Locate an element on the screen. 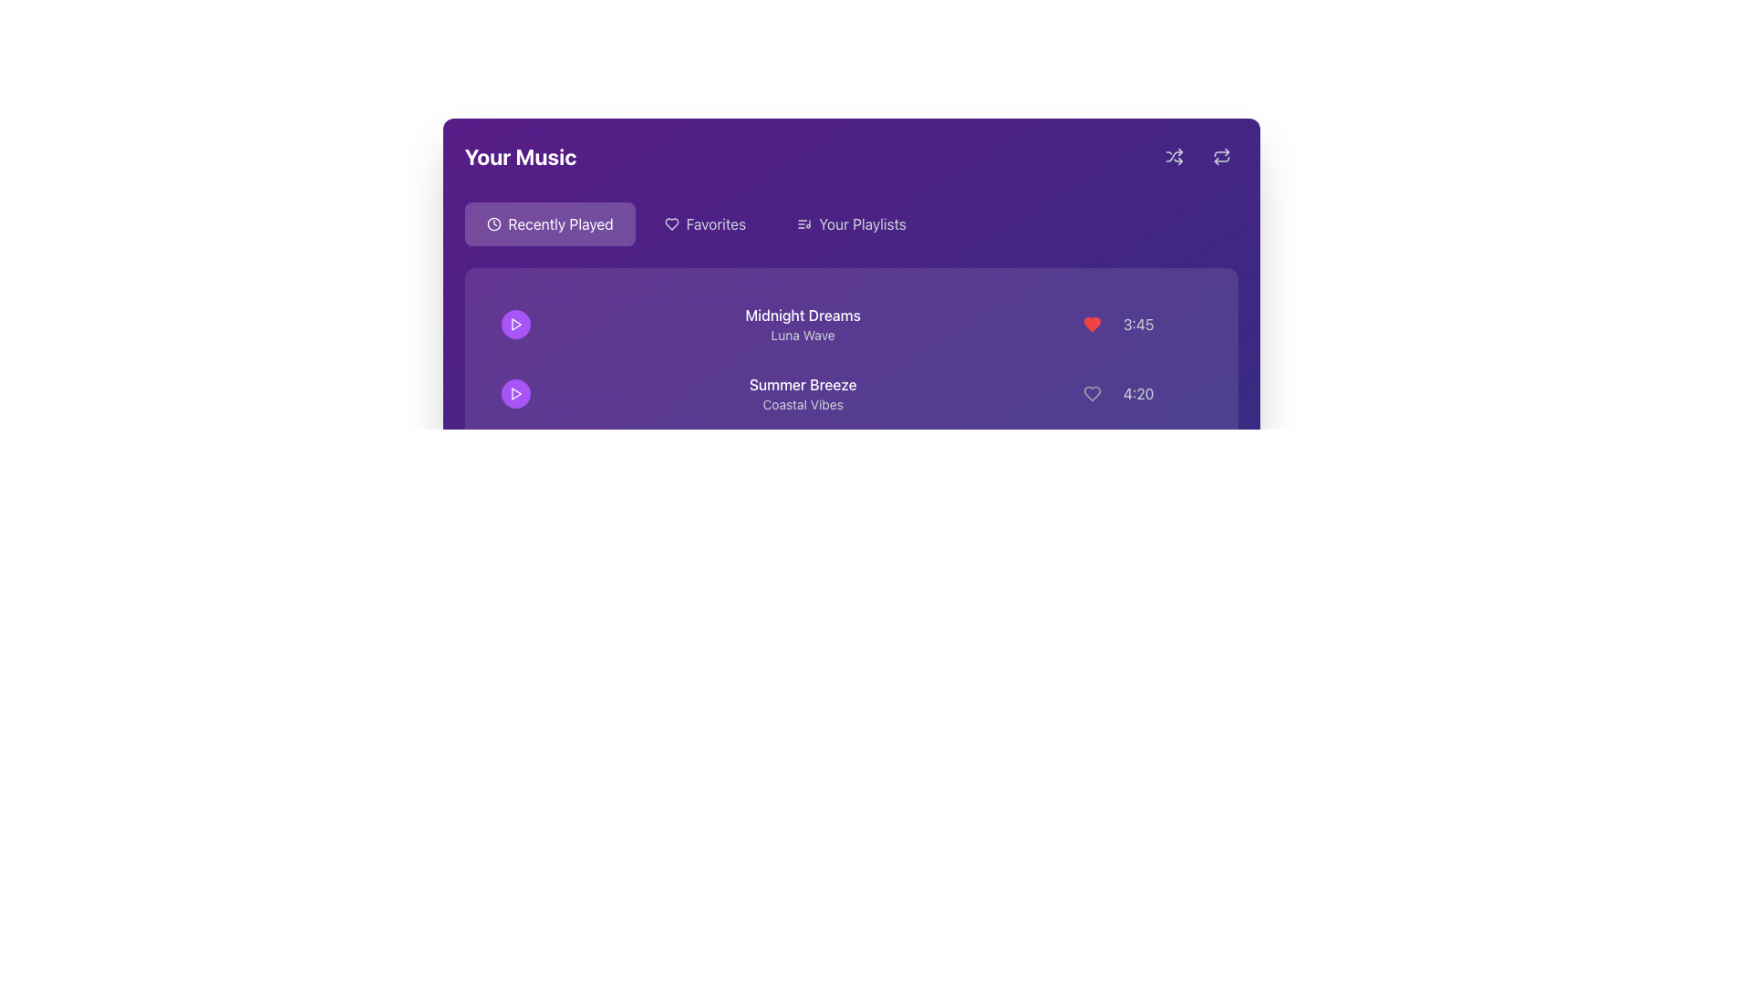 The width and height of the screenshot is (1751, 985). the textual display component that shows the title 'Summer Breeze' and subtitle 'Coastal Vibes' is located at coordinates (803, 393).